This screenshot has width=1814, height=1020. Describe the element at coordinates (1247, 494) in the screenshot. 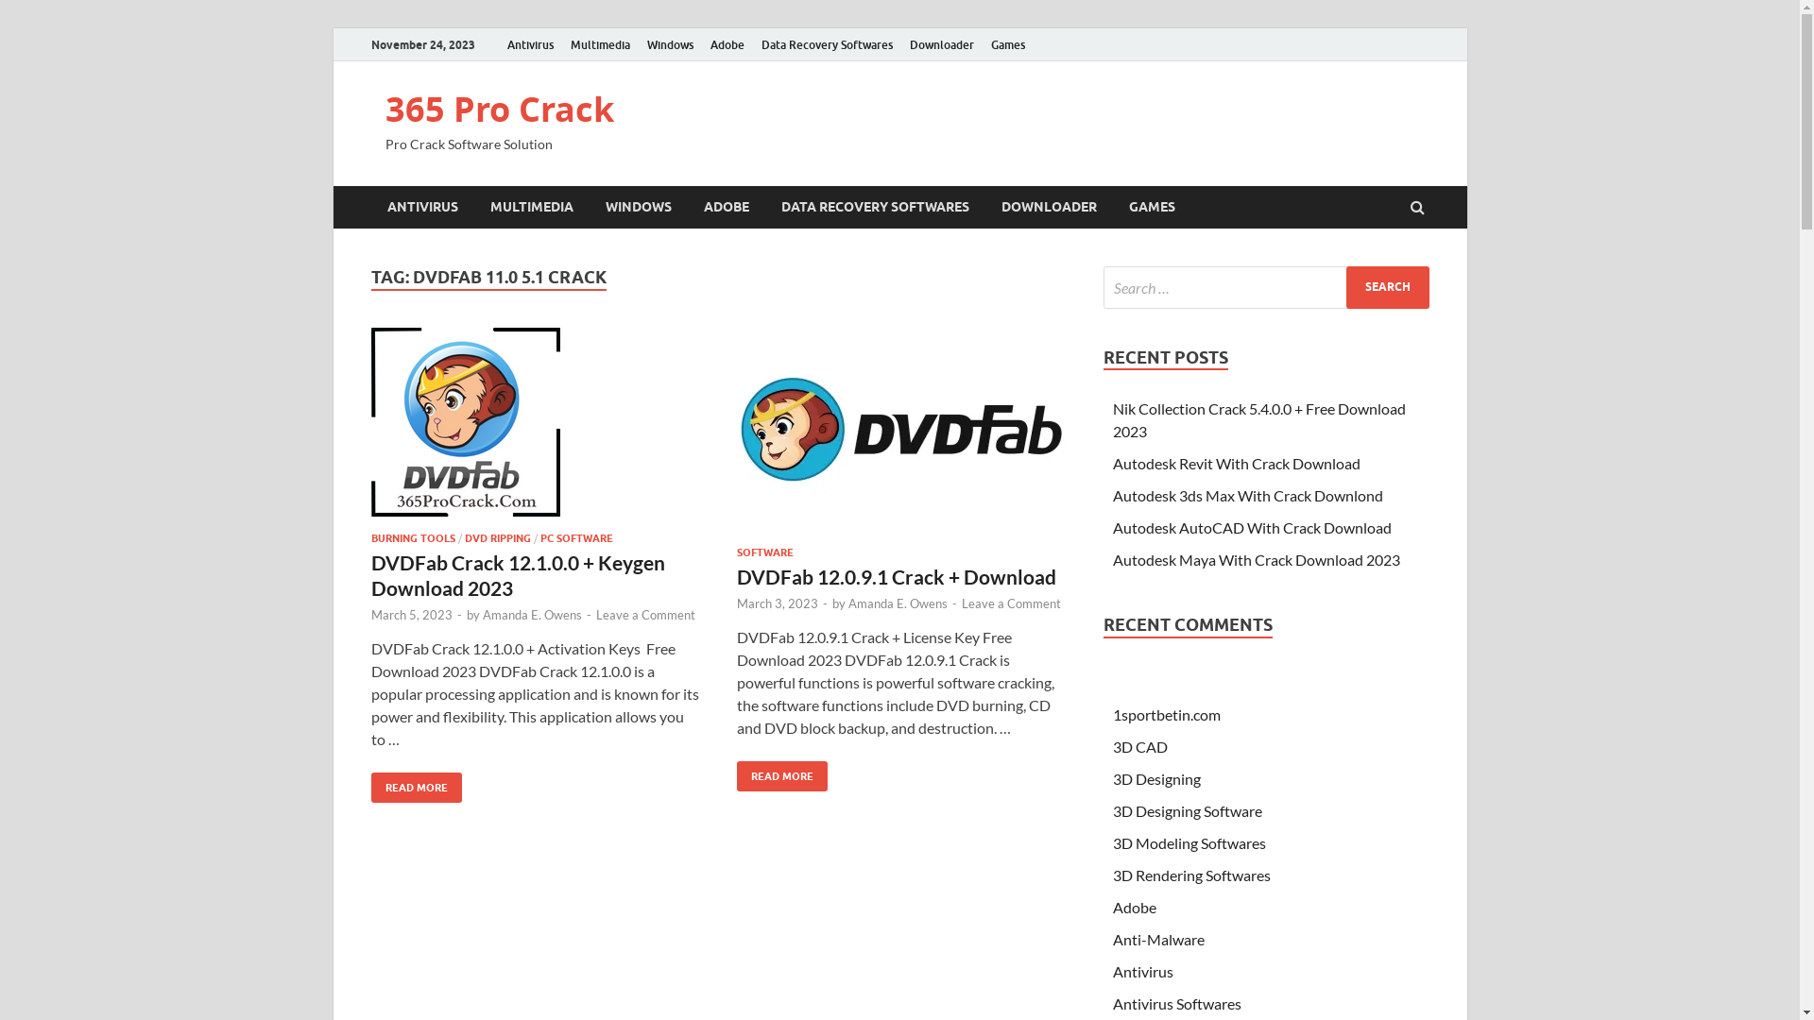

I see `'Autodesk 3ds Max With Crack Downlond'` at that location.